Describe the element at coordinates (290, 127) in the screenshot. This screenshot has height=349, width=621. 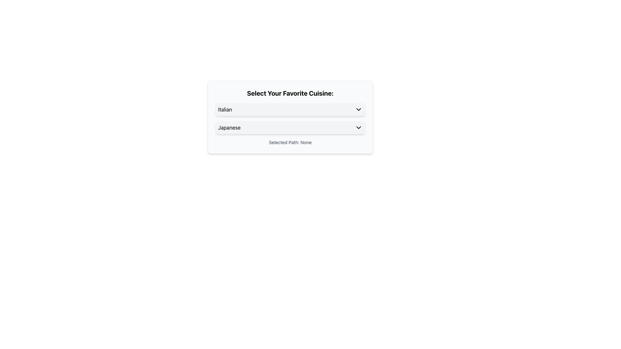
I see `the dropdown button located below the 'Italian' dropdown in the vertically stacked group of dropdown elements` at that location.